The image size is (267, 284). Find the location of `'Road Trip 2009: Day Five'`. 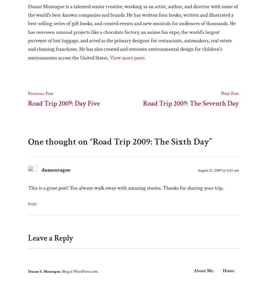

'Road Trip 2009: Day Five' is located at coordinates (64, 103).